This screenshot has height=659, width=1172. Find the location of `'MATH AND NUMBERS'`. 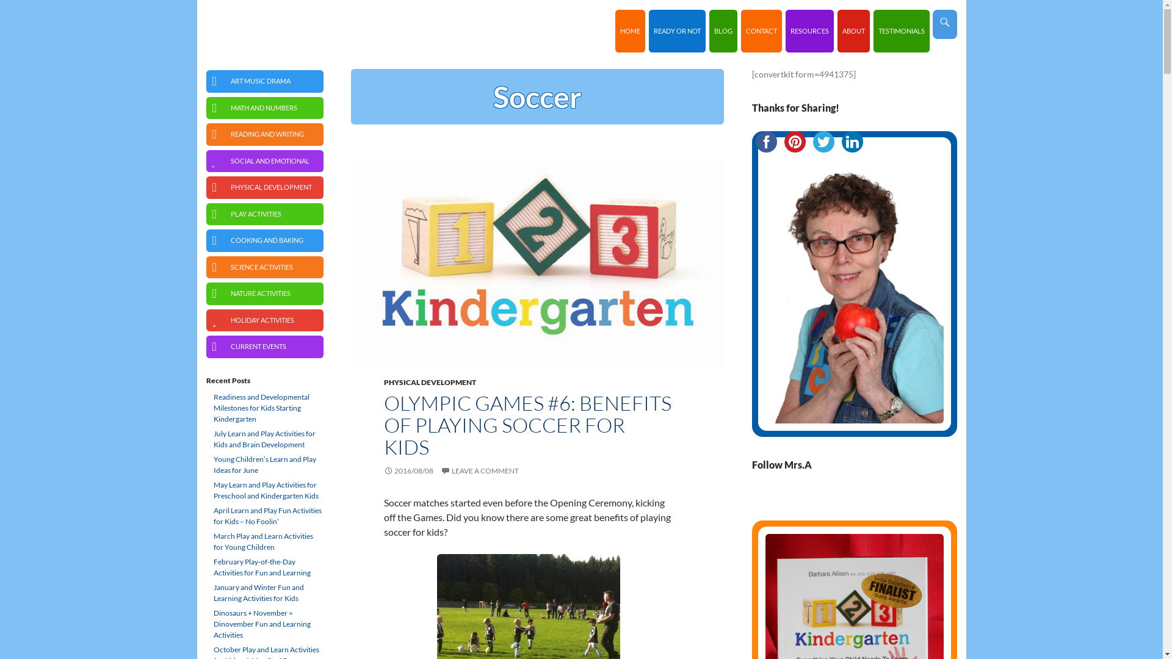

'MATH AND NUMBERS' is located at coordinates (264, 107).